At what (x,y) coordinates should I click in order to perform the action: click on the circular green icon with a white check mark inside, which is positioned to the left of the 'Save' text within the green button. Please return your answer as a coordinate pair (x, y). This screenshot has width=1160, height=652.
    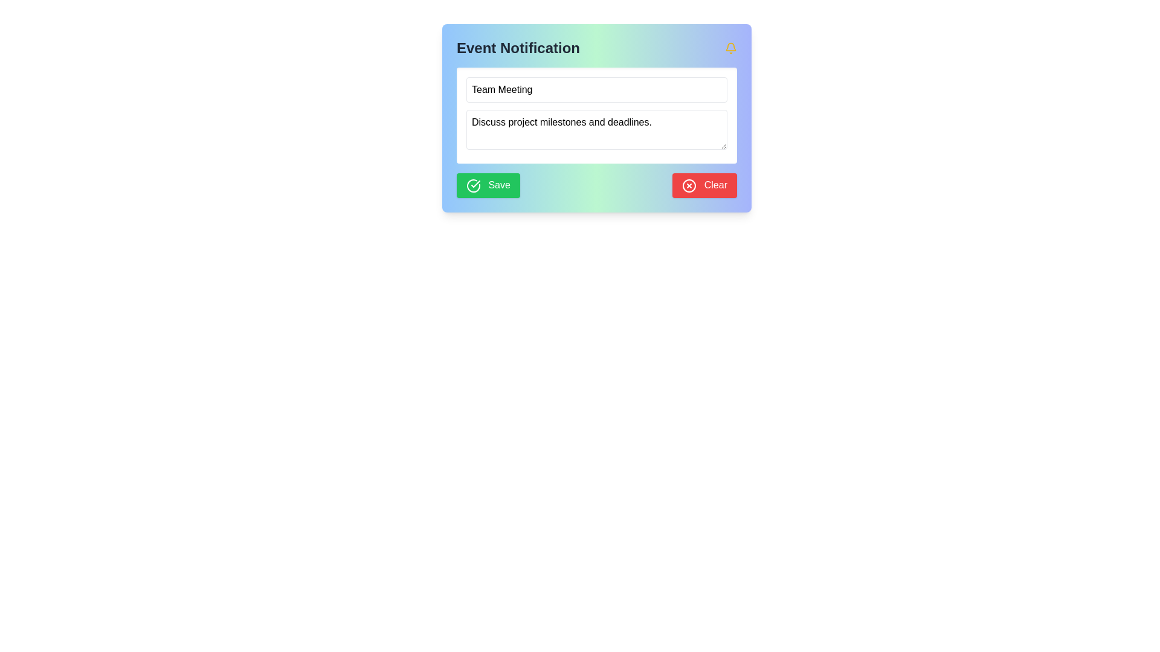
    Looking at the image, I should click on (472, 185).